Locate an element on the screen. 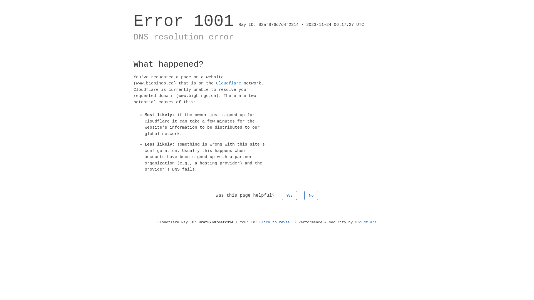 The image size is (534, 300). 'No' is located at coordinates (311, 195).